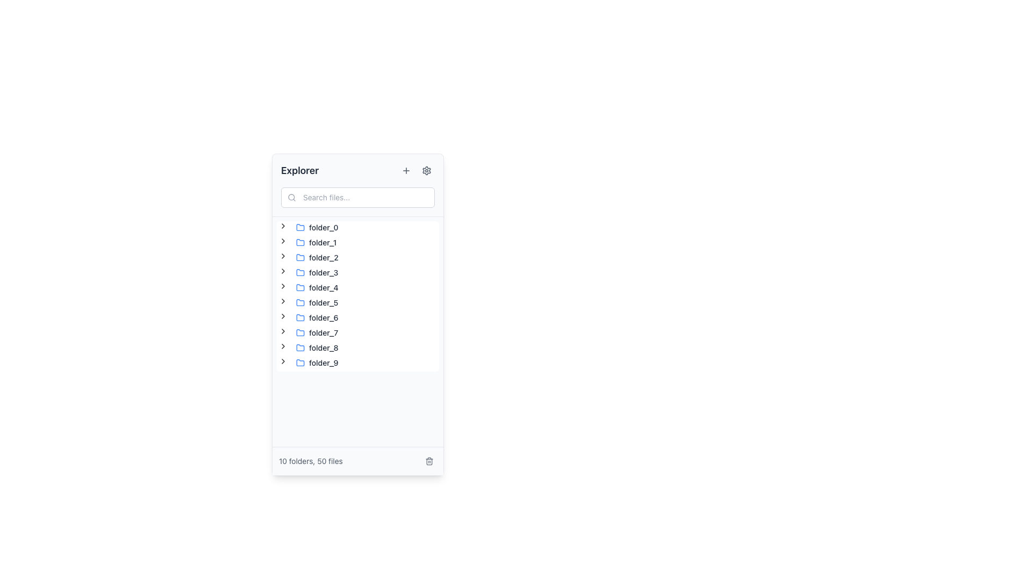 Image resolution: width=1032 pixels, height=580 pixels. What do you see at coordinates (323, 272) in the screenshot?
I see `the text label 'folder_3' adjacent to the blue folder icon` at bounding box center [323, 272].